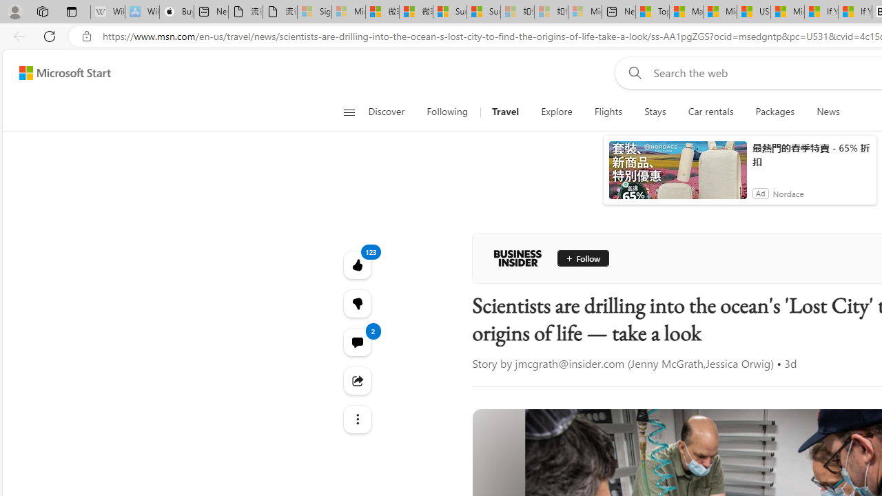 Image resolution: width=882 pixels, height=496 pixels. I want to click on 'Business Insider', so click(517, 258).